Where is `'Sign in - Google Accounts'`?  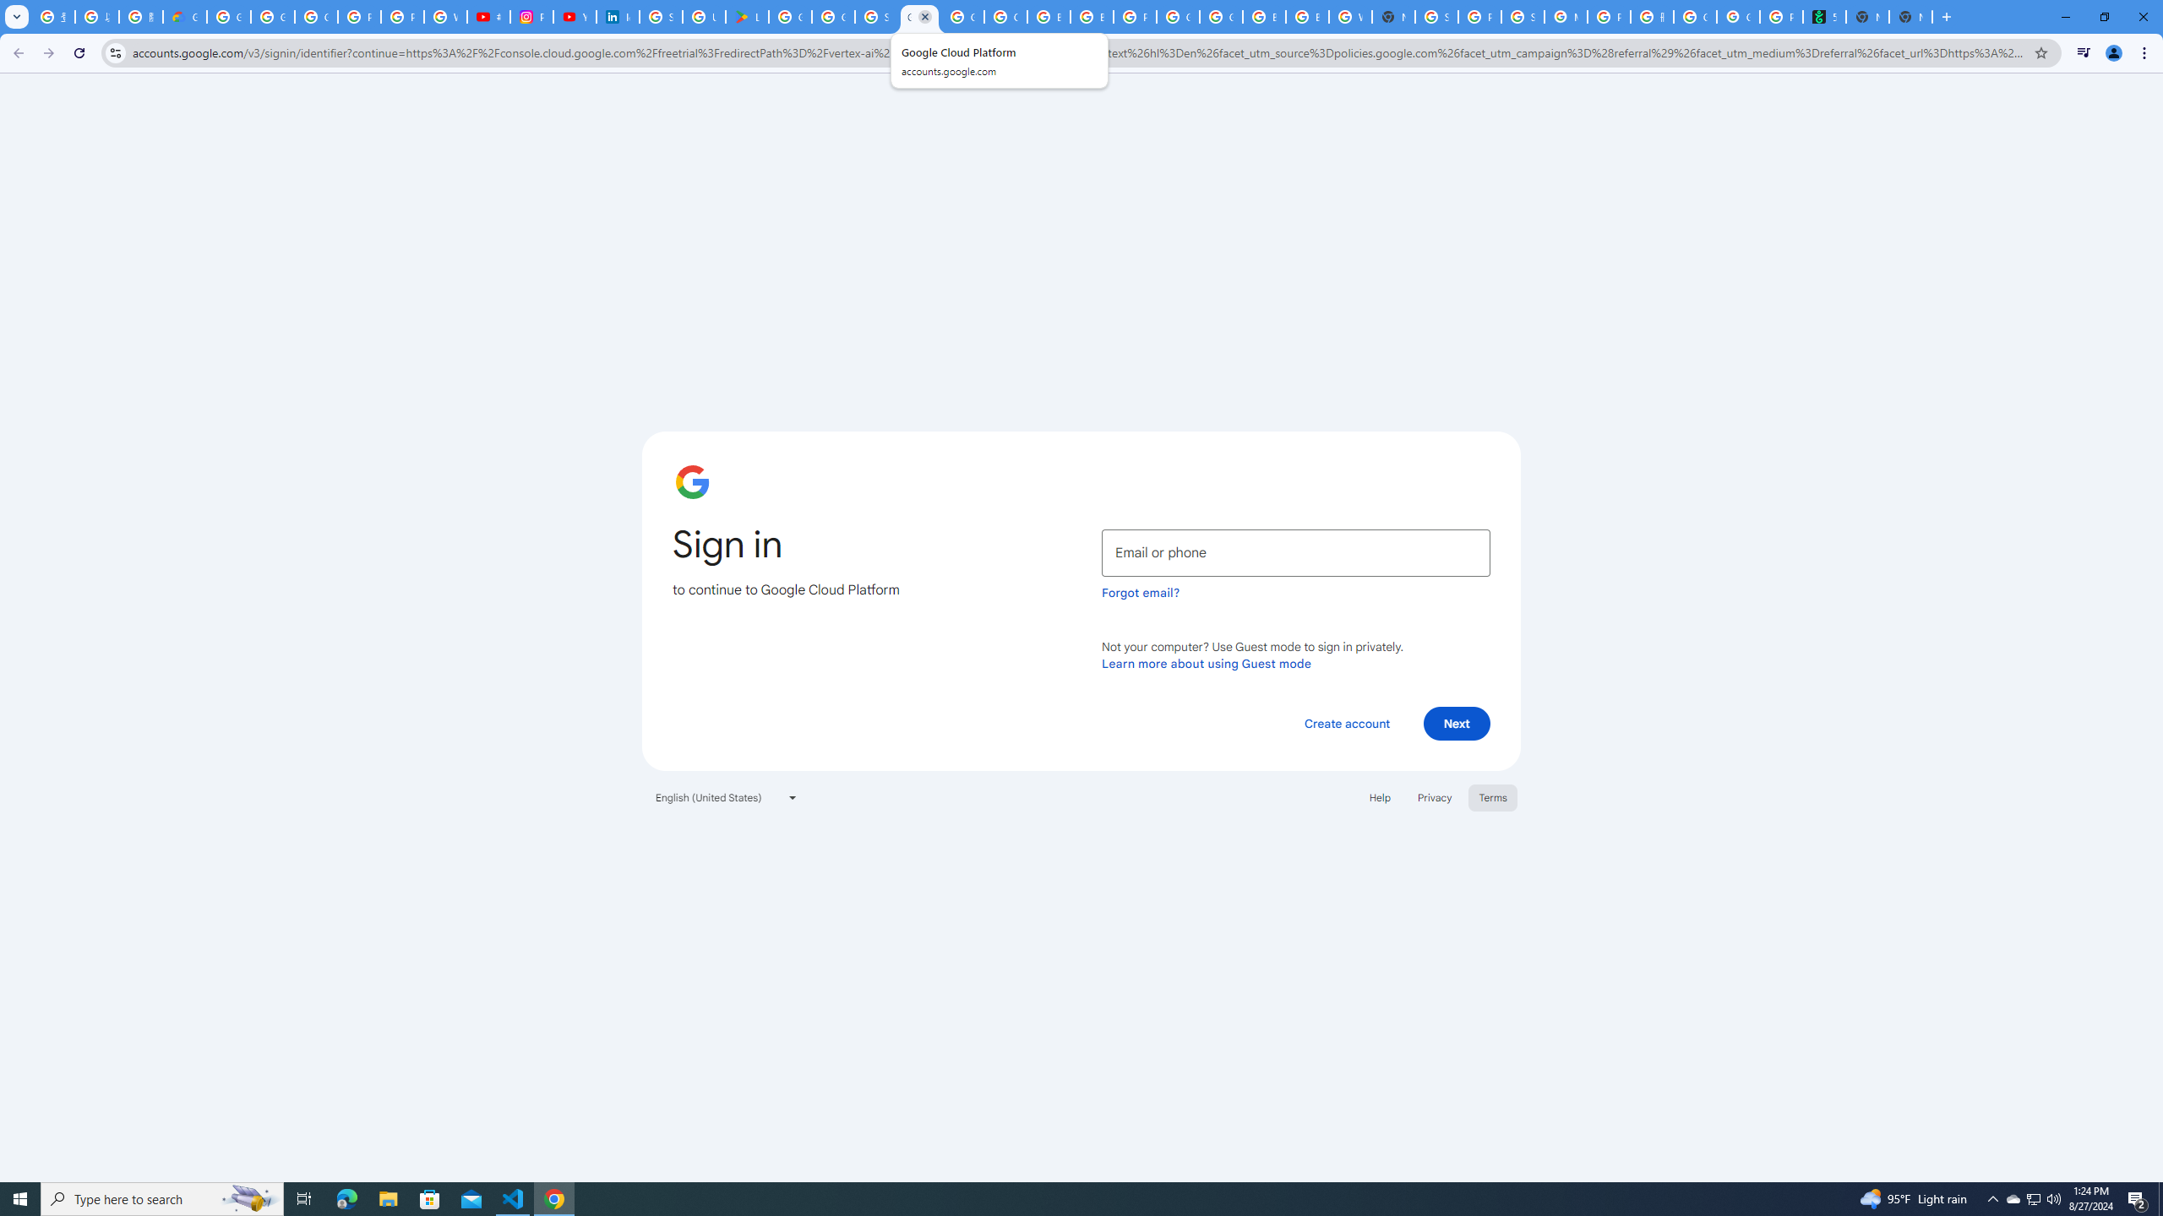
'Sign in - Google Accounts' is located at coordinates (877, 16).